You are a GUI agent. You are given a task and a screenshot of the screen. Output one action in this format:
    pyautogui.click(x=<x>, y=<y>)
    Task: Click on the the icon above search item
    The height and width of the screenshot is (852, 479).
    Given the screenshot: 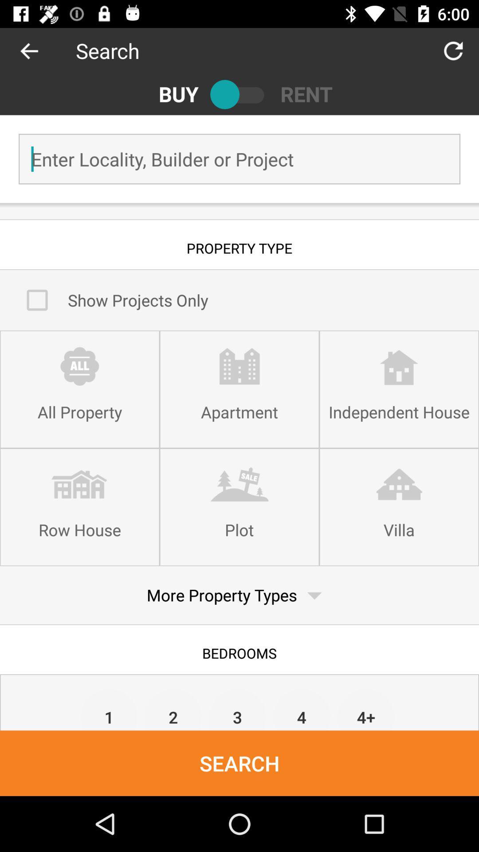 What is the action you would take?
    pyautogui.click(x=237, y=709)
    